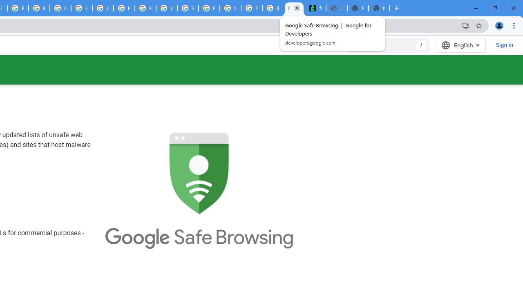 This screenshot has height=294, width=523. I want to click on 'Untitled', so click(336, 8).